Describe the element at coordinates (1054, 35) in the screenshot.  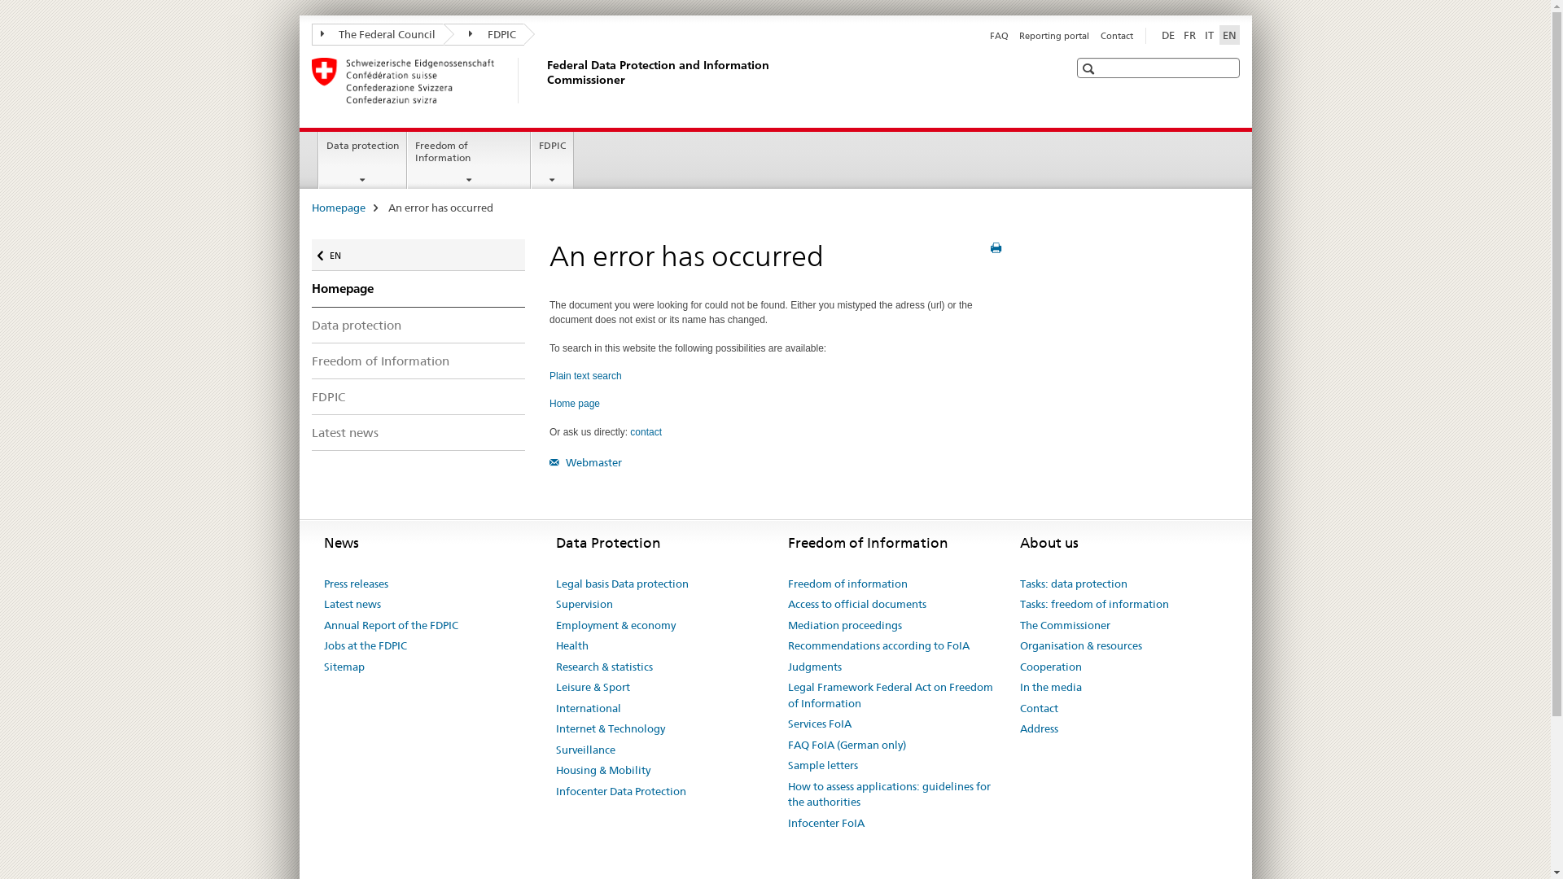
I see `'Reporting portal'` at that location.